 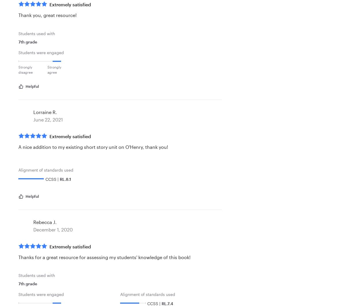 I want to click on 'Thanks for a great resource for assessing my students' knowledge of this book!', so click(x=104, y=256).